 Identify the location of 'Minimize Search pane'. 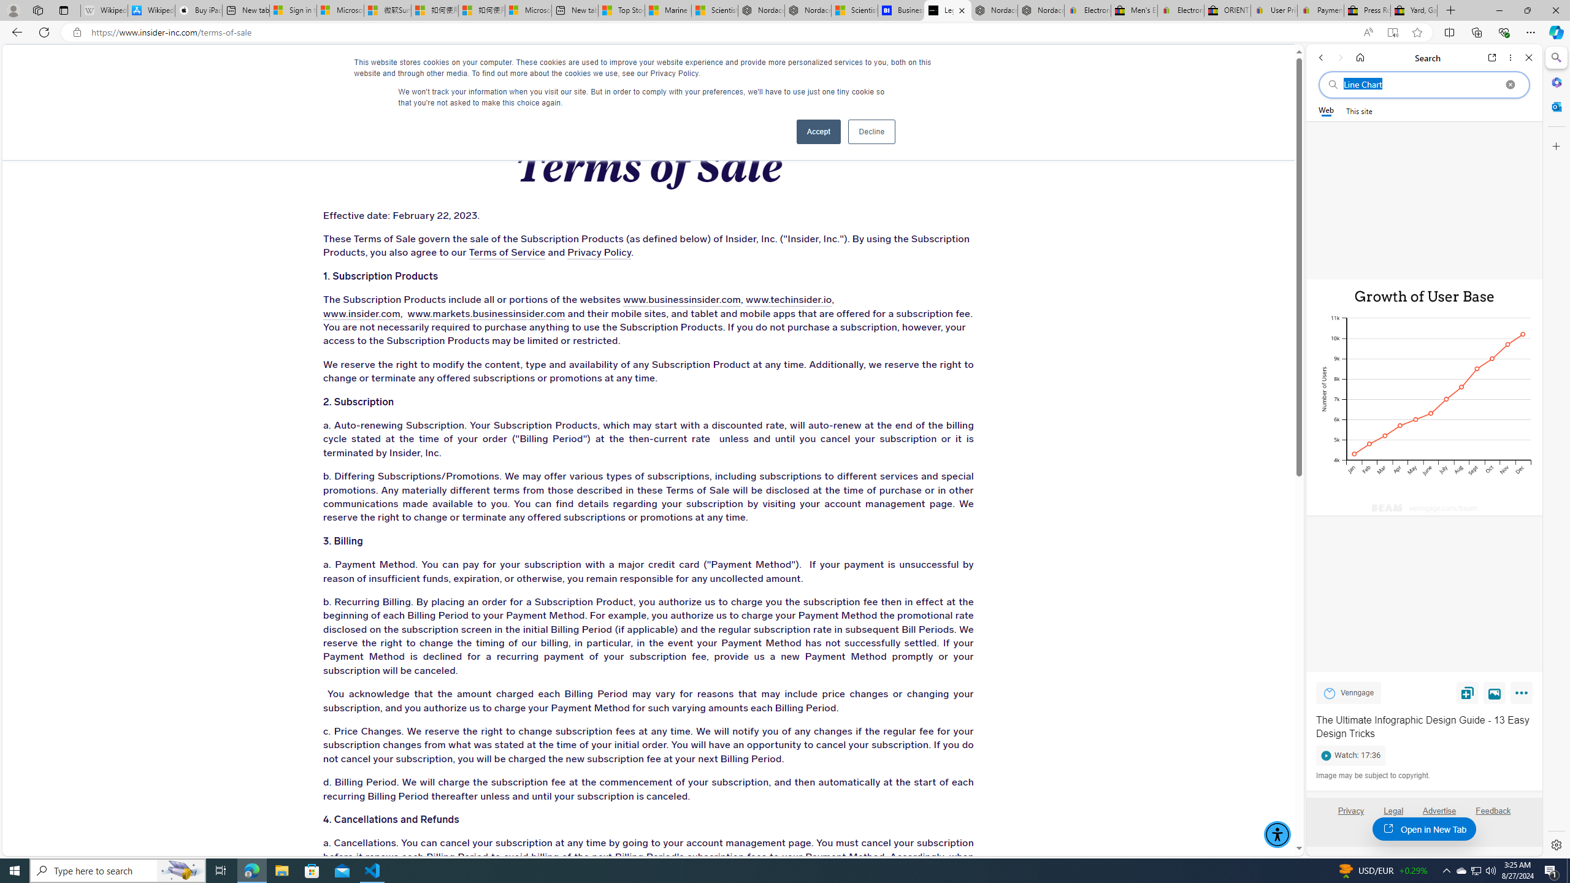
(1555, 57).